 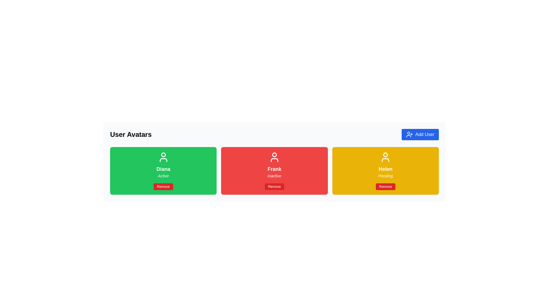 I want to click on the 'Add User' button, so click(x=420, y=134).